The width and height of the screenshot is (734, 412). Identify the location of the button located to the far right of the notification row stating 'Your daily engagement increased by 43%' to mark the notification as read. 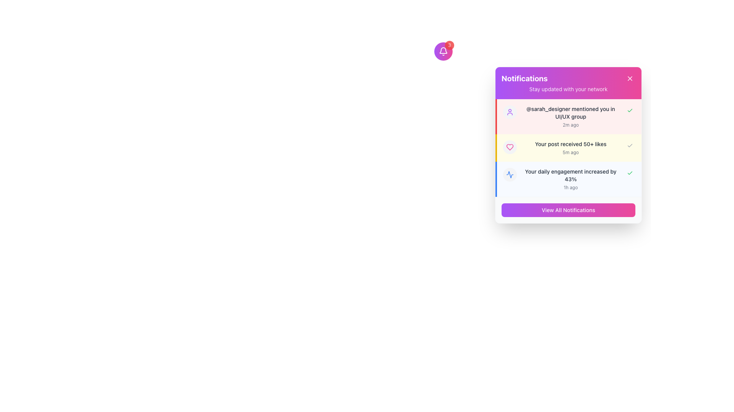
(630, 173).